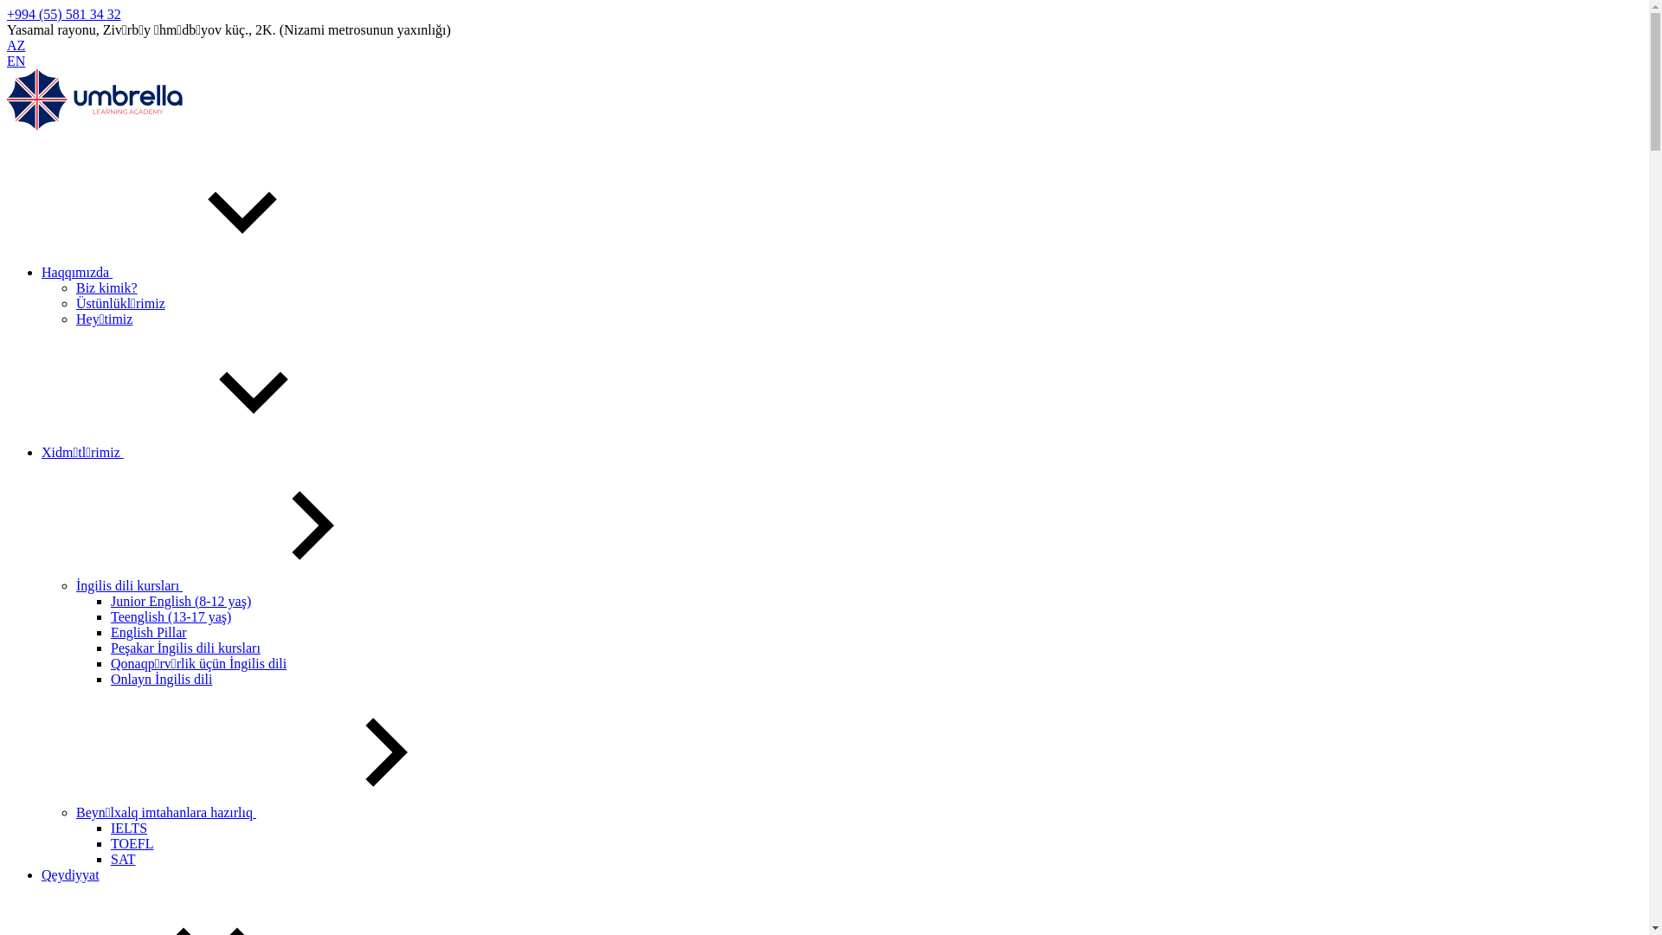 Image resolution: width=1662 pixels, height=935 pixels. I want to click on '+994 (55) 581 34 32', so click(7, 14).